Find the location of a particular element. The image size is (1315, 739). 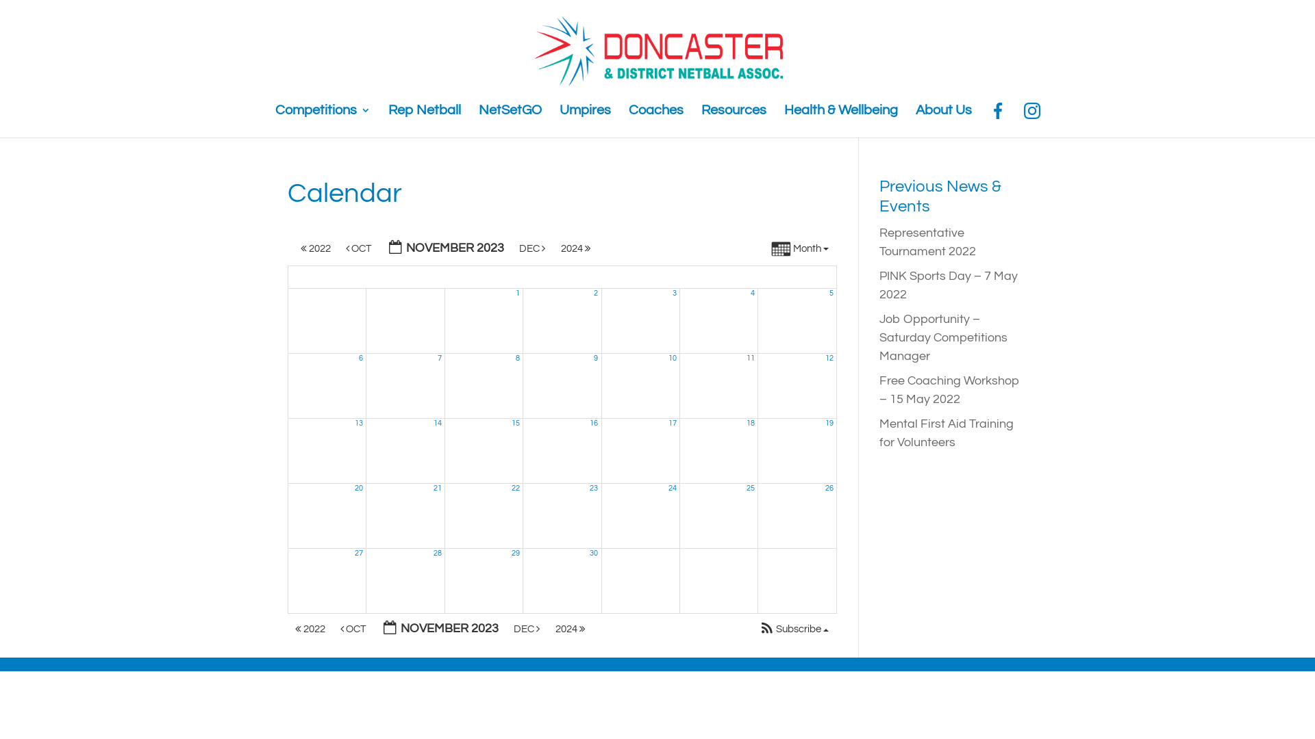

'16' is located at coordinates (594, 422).